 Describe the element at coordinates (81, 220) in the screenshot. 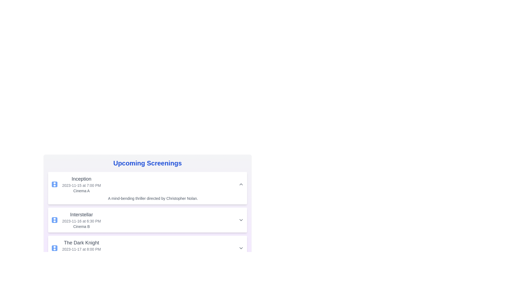

I see `the details of the text block displaying movie screening information for 'Interstellar', located in the second slot of the list of upcoming movie screenings` at that location.